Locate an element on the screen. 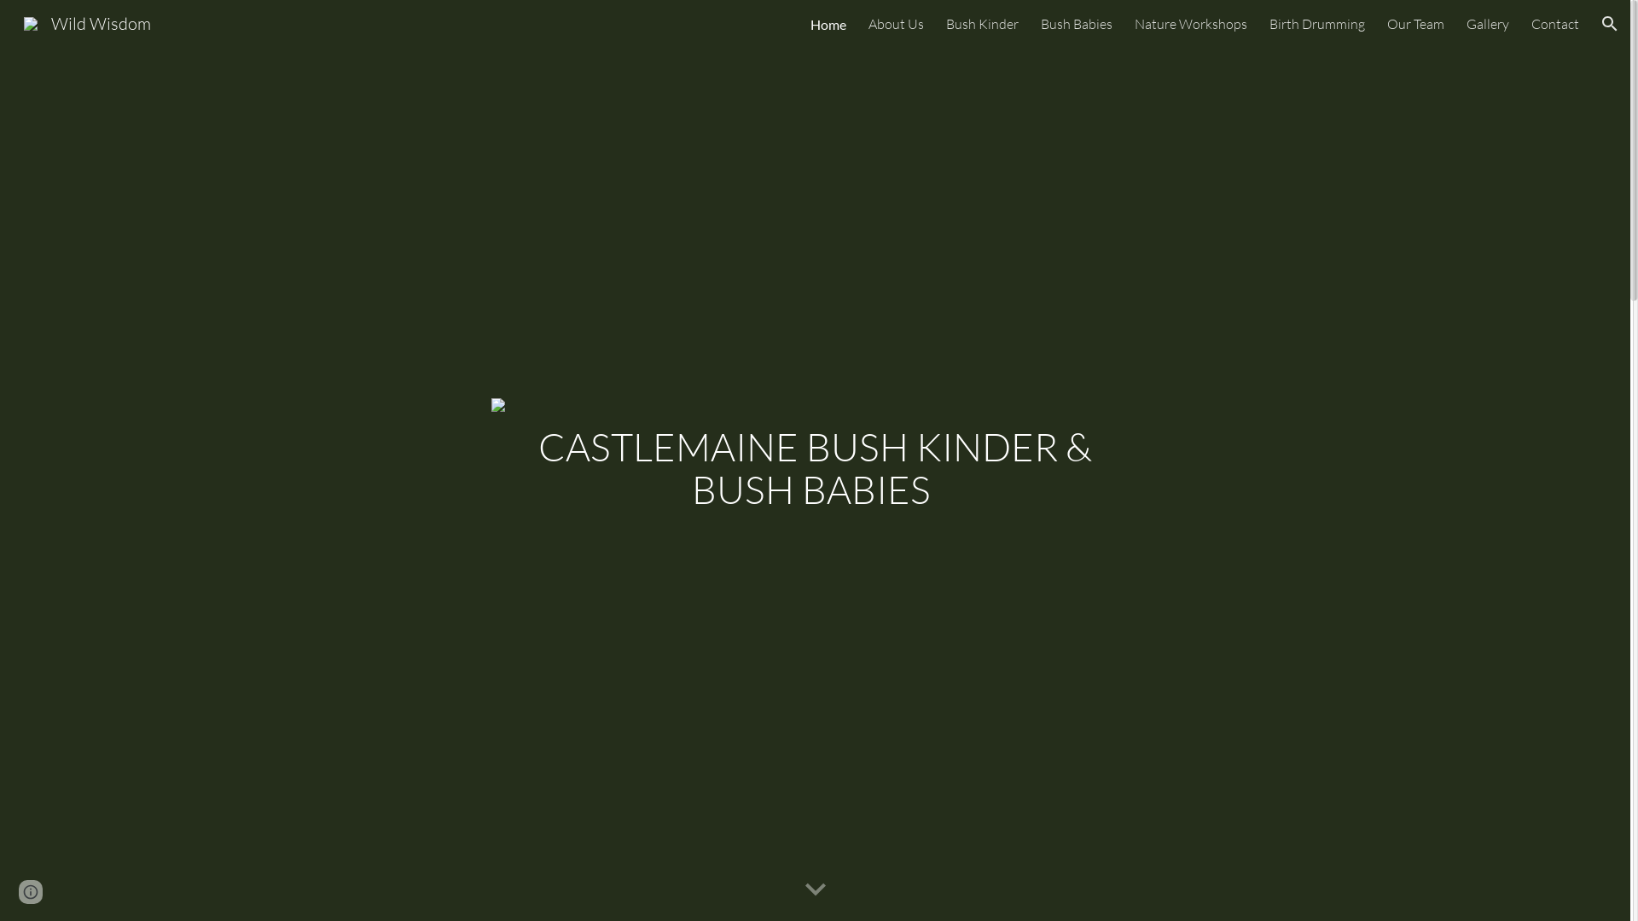  'Bush Babies' is located at coordinates (1076, 23).